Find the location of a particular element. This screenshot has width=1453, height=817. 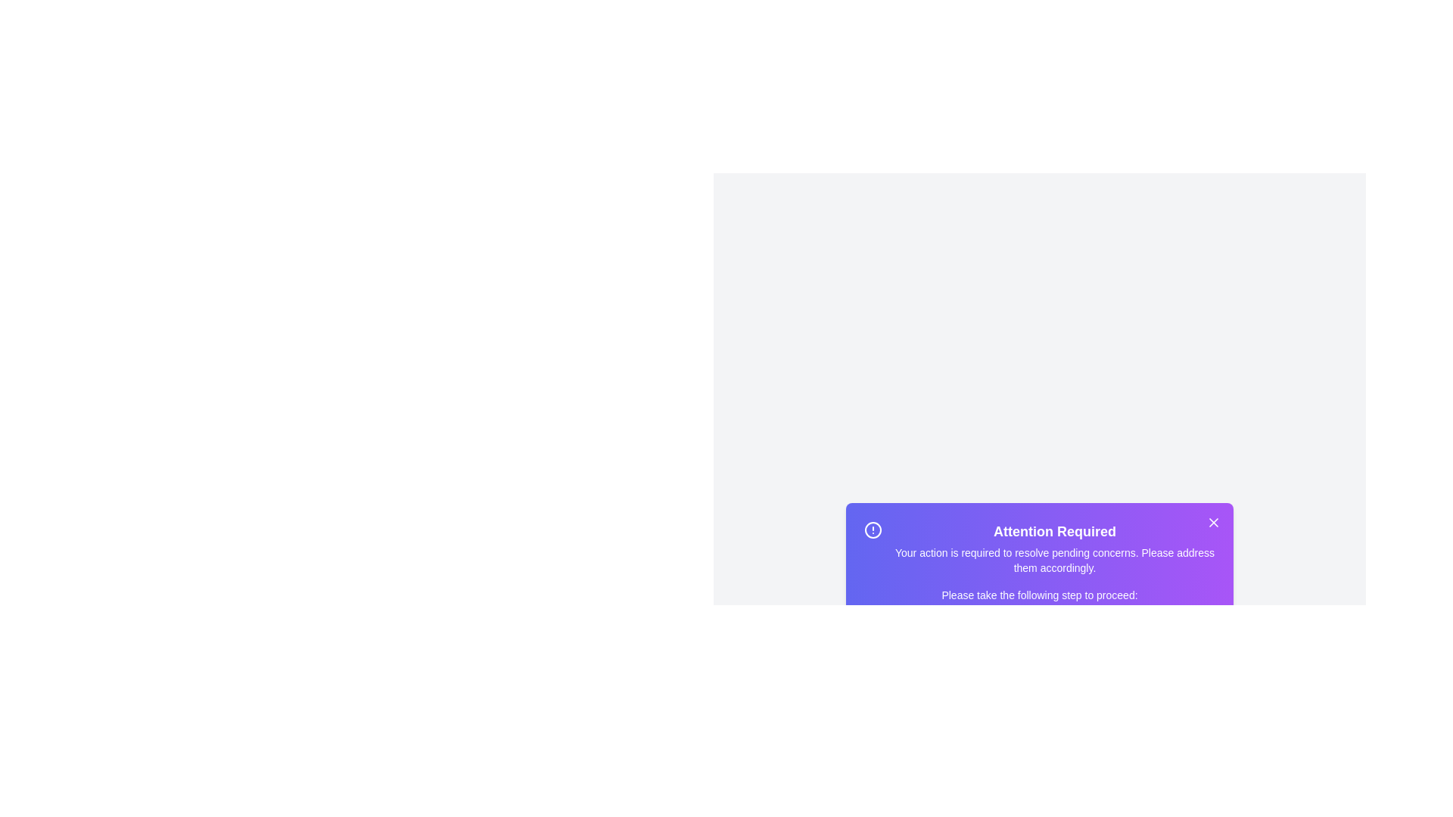

the 'X' icon in the top-right corner of the purple notification box titled 'Attention Required' is located at coordinates (1213, 521).